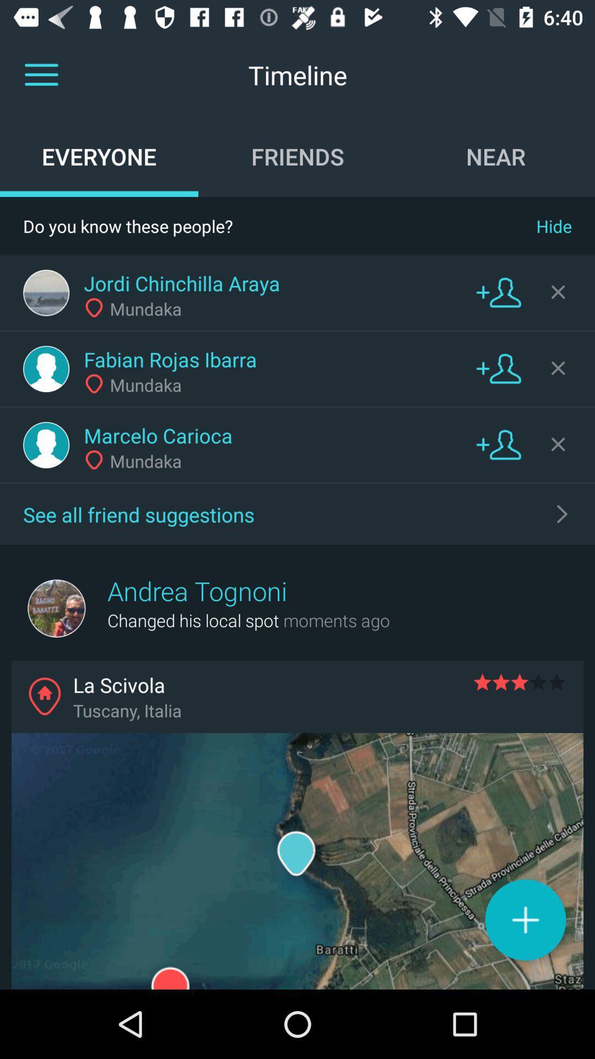 This screenshot has width=595, height=1059. Describe the element at coordinates (41, 74) in the screenshot. I see `item to the left of timeline` at that location.